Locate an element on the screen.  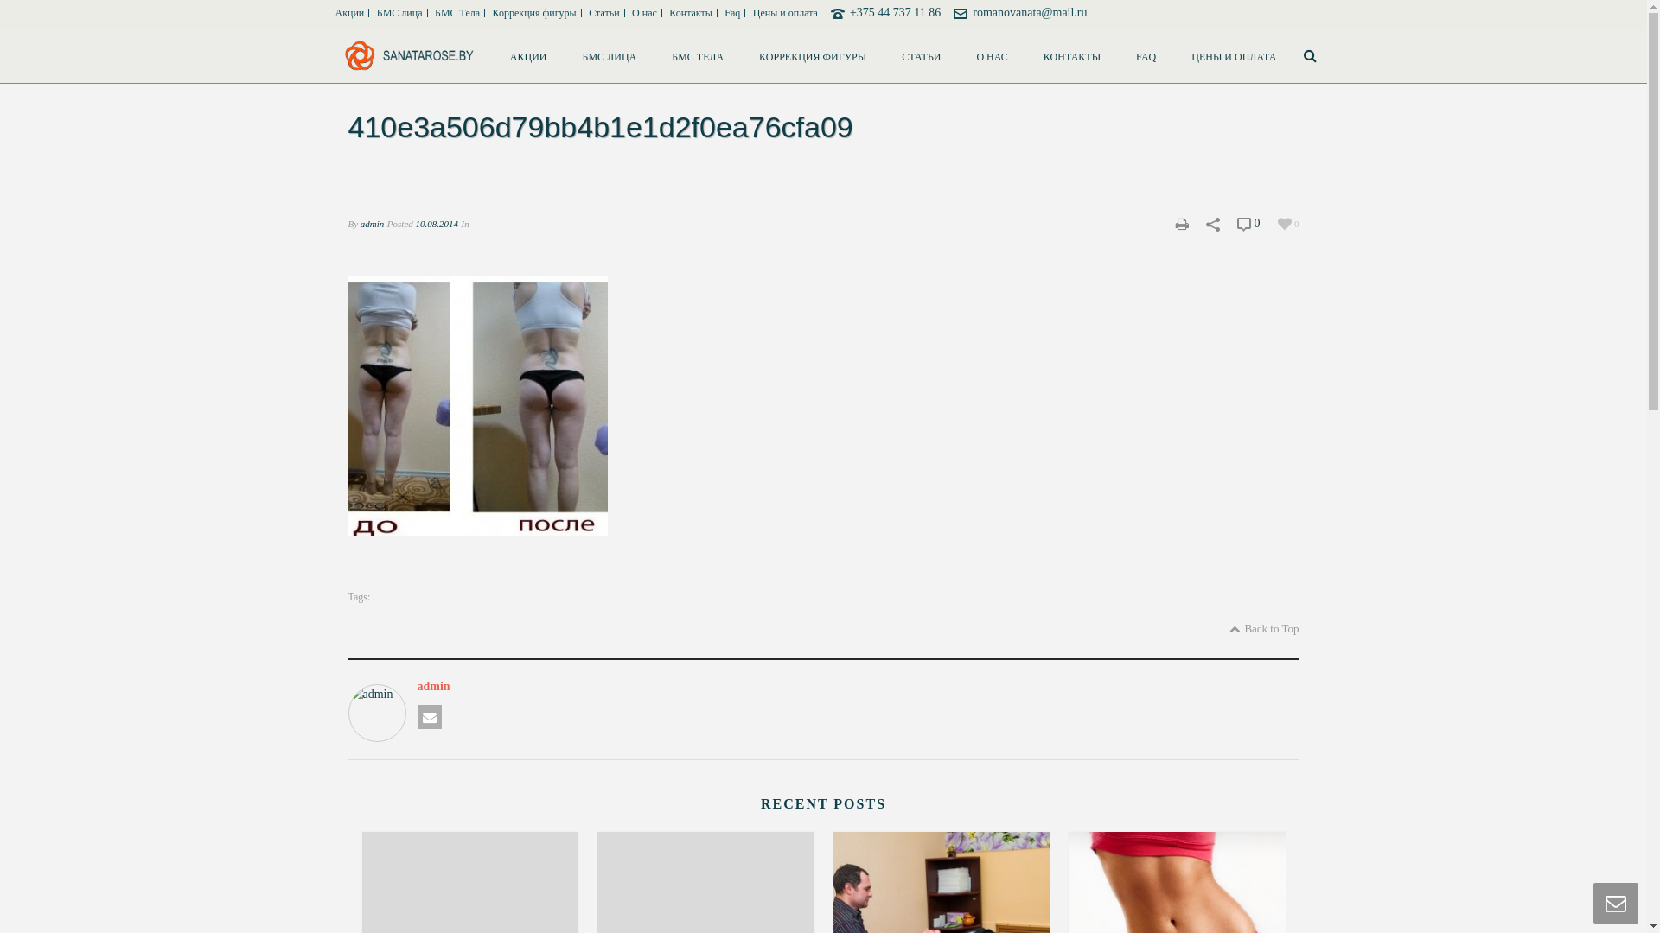
'Print' is located at coordinates (1181, 222).